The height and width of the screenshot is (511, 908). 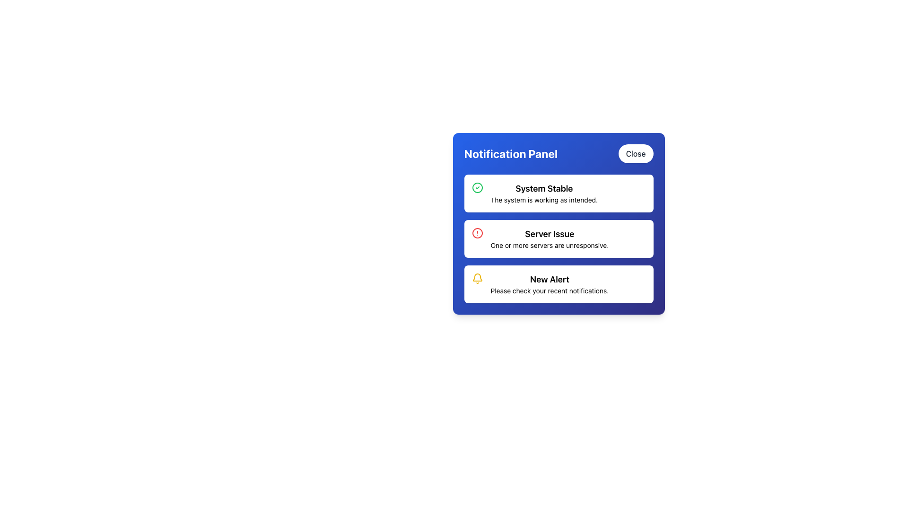 I want to click on bold text 'System Stable' located in the Notification Panel, which indicates a successful status with a green check icon to its left, so click(x=544, y=188).